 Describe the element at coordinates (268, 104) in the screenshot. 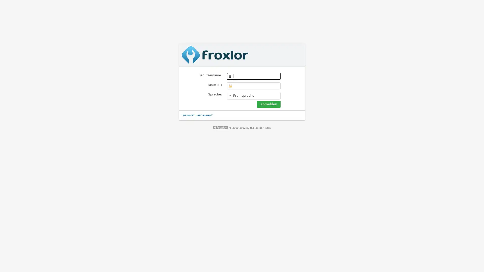

I see `Anmelden` at that location.